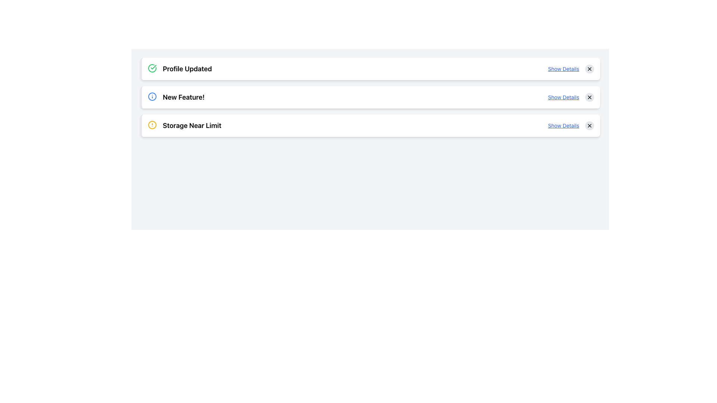 This screenshot has width=717, height=403. What do you see at coordinates (183, 97) in the screenshot?
I see `the 'New Feature!' notification text label, which is the second notification in a vertical list, located between 'Profile Updated' and 'Storage Near Limit'` at bounding box center [183, 97].